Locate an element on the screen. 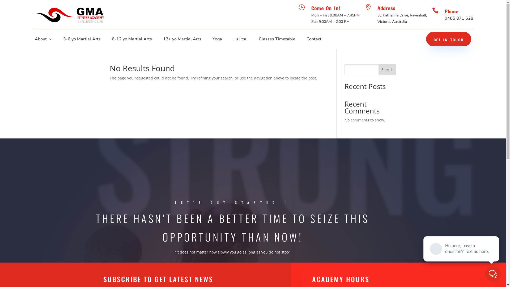  'GET IN TOUCH' is located at coordinates (448, 39).